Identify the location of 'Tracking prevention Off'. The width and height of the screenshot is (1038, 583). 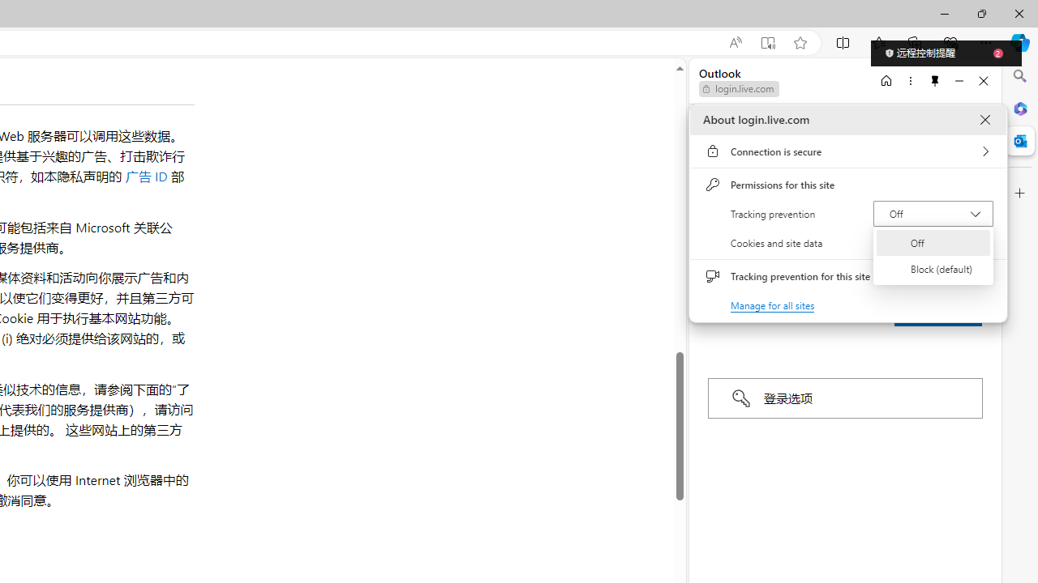
(933, 212).